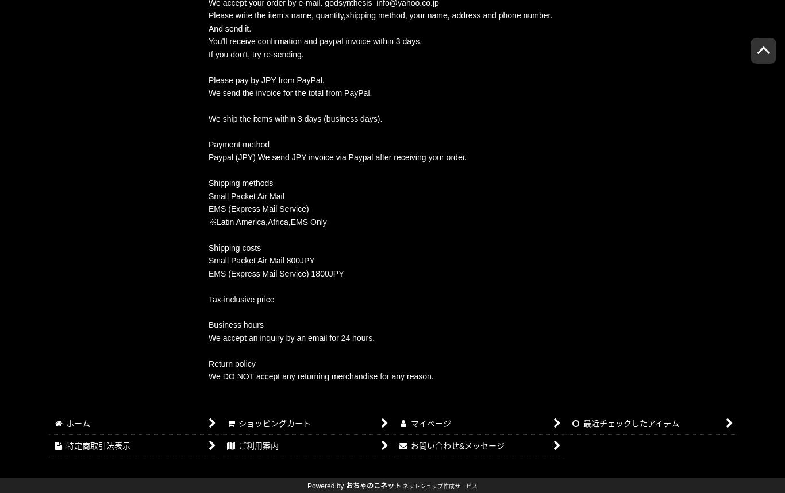  What do you see at coordinates (207, 272) in the screenshot?
I see `'EMS (Express Mail Service) 1800JPY'` at bounding box center [207, 272].